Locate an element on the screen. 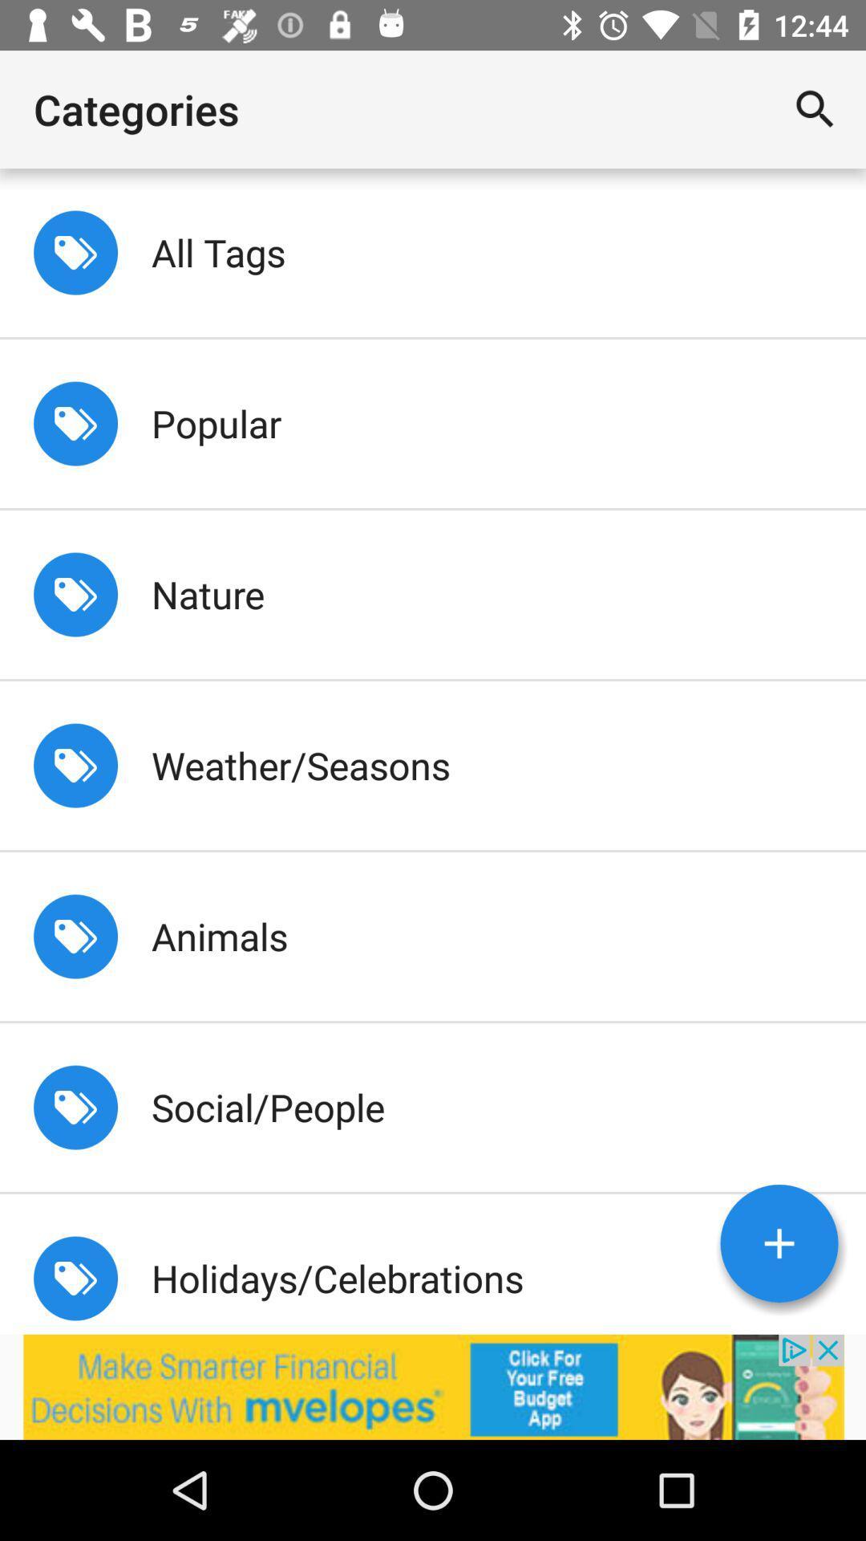  the add icon is located at coordinates (779, 1242).